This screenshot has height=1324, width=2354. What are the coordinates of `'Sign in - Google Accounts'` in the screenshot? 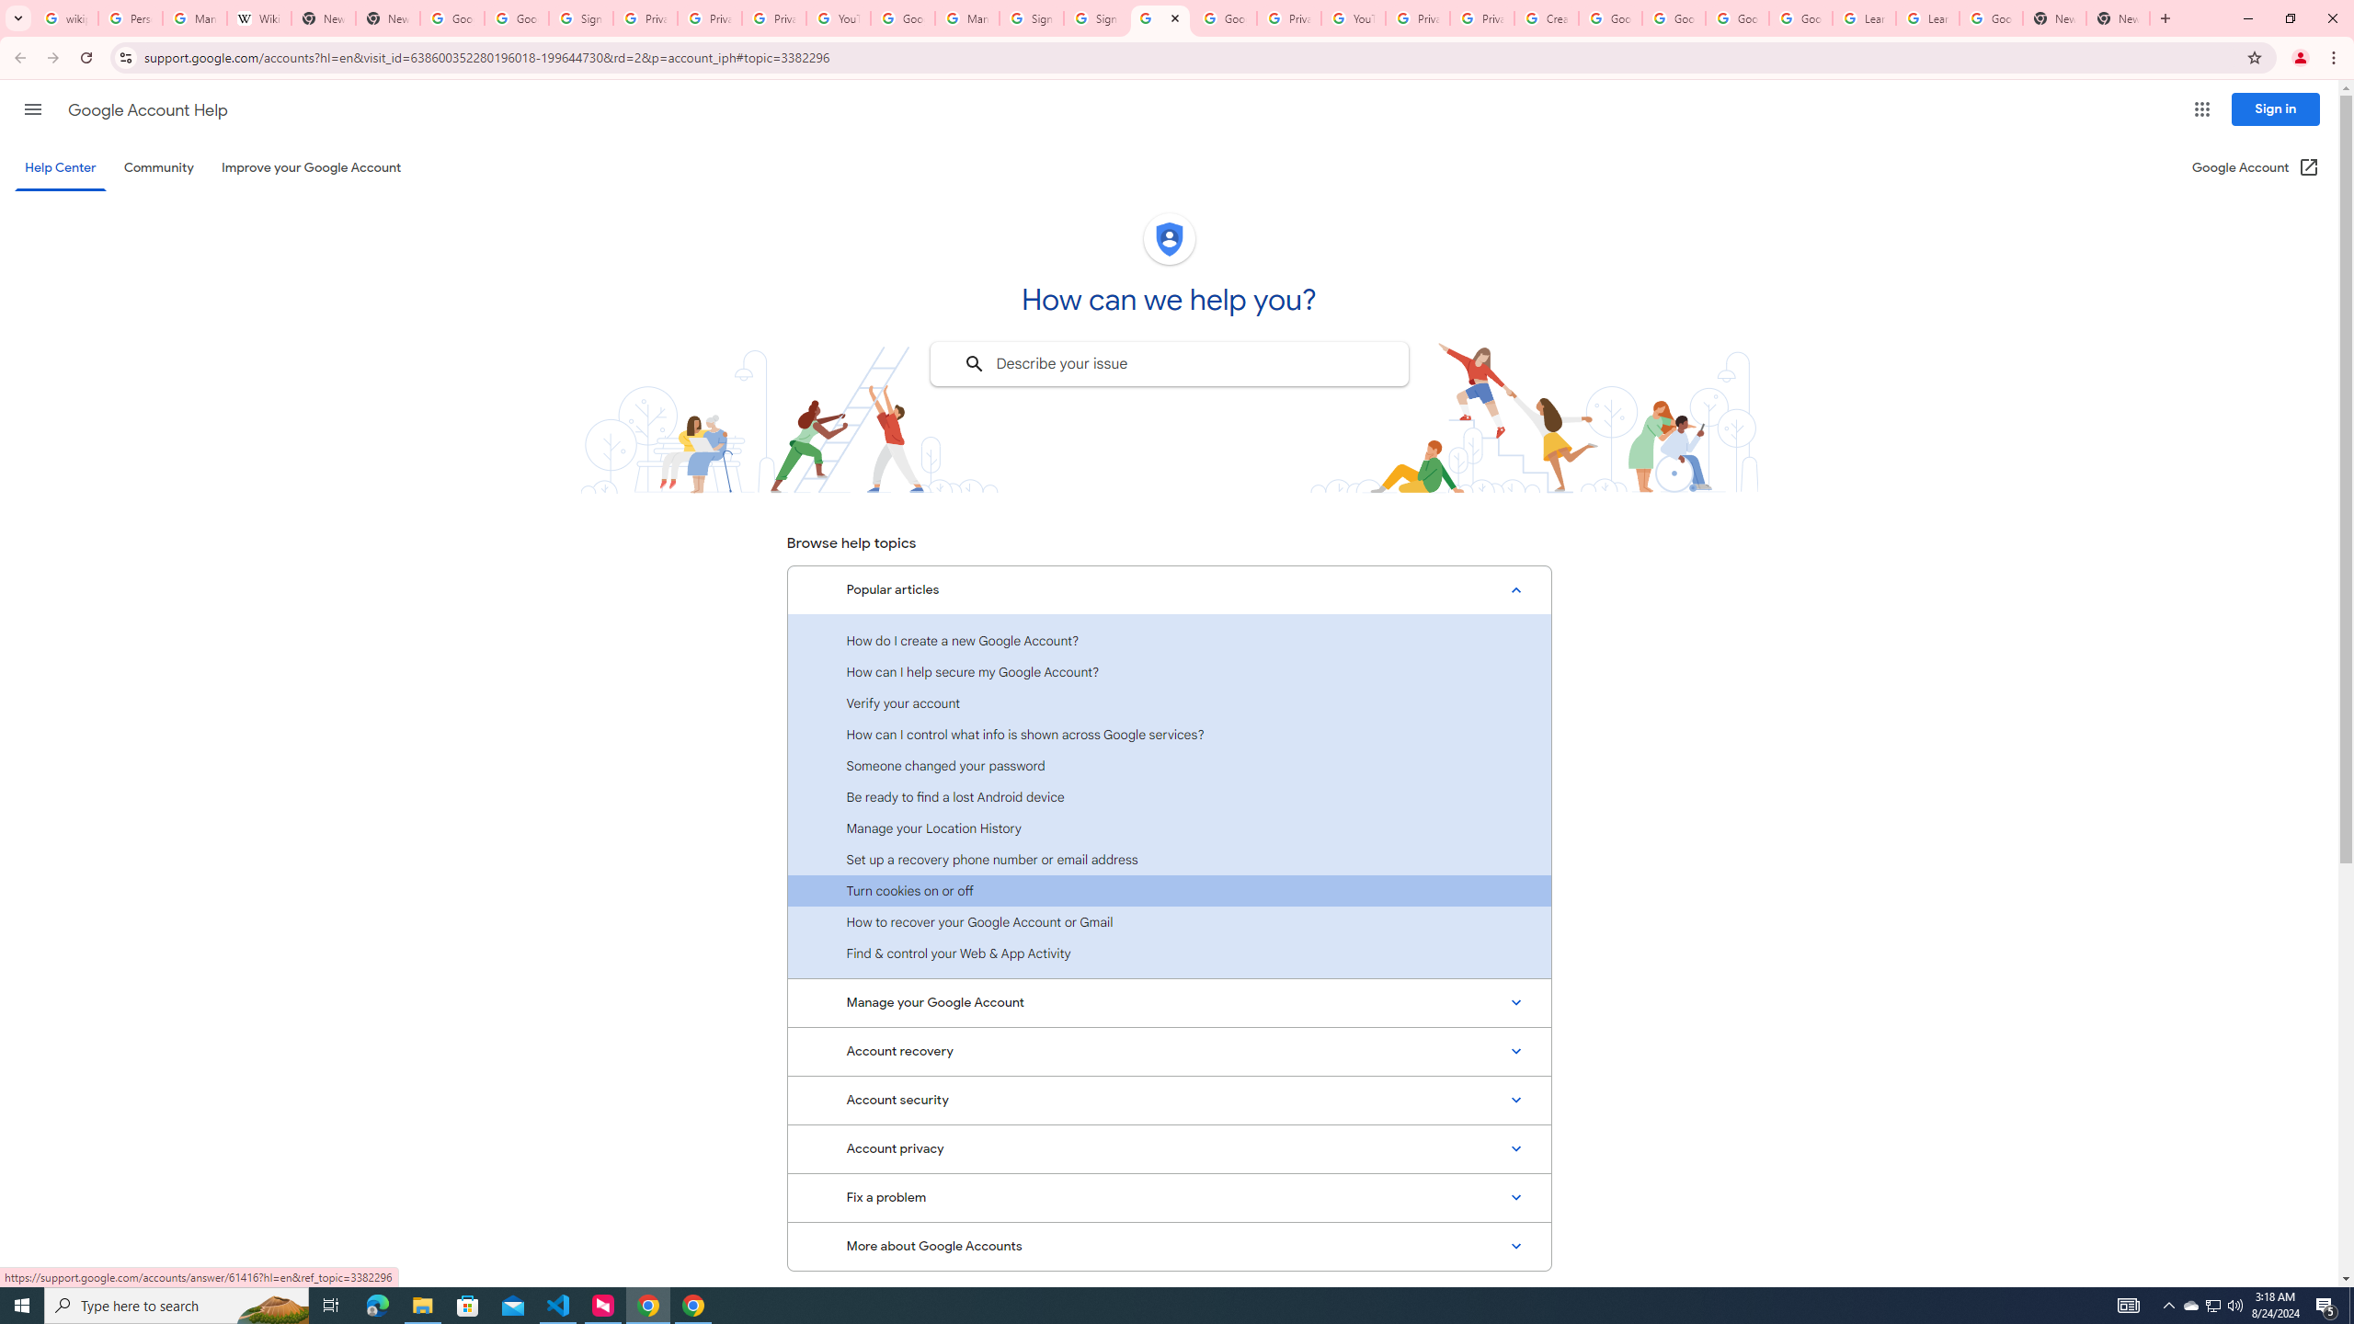 It's located at (1094, 17).